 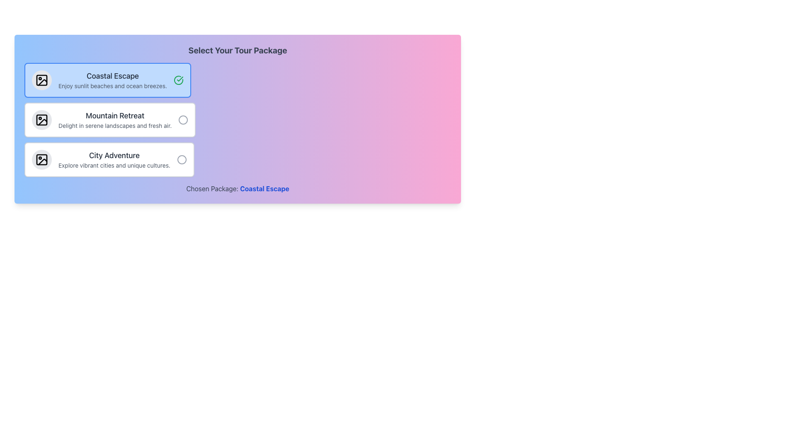 I want to click on the label reading 'Chosen Package:' which is styled in gray and located to the left of the bold blue text 'Coastal Escape', so click(x=212, y=188).